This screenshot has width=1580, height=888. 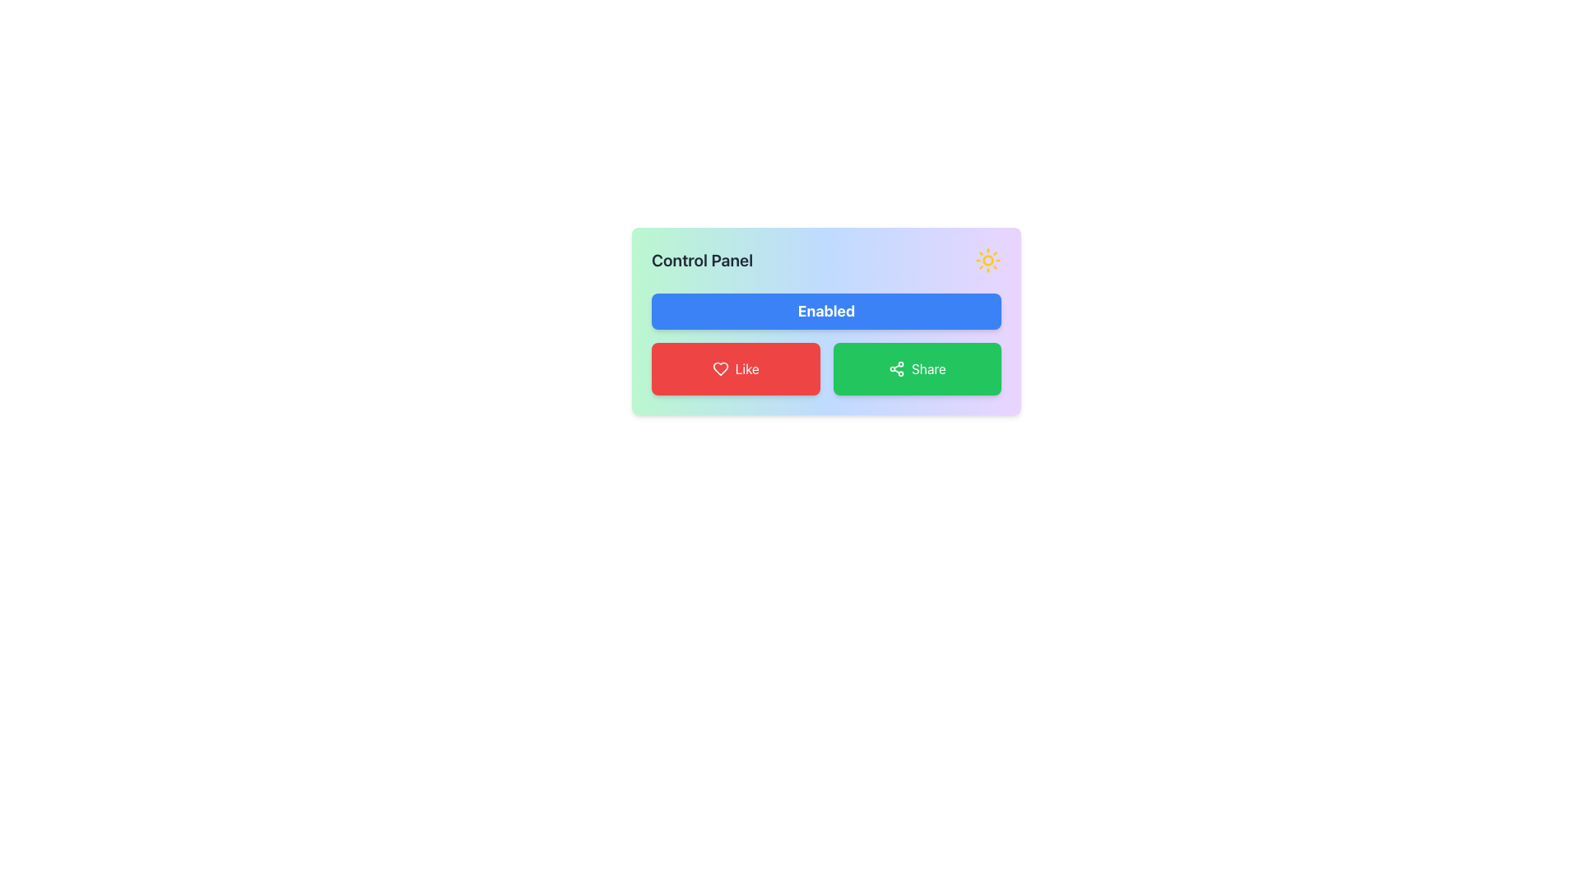 What do you see at coordinates (720, 368) in the screenshot?
I see `the heart-shaped SVG icon with a dashed stroke style located inside the red 'Like' button` at bounding box center [720, 368].